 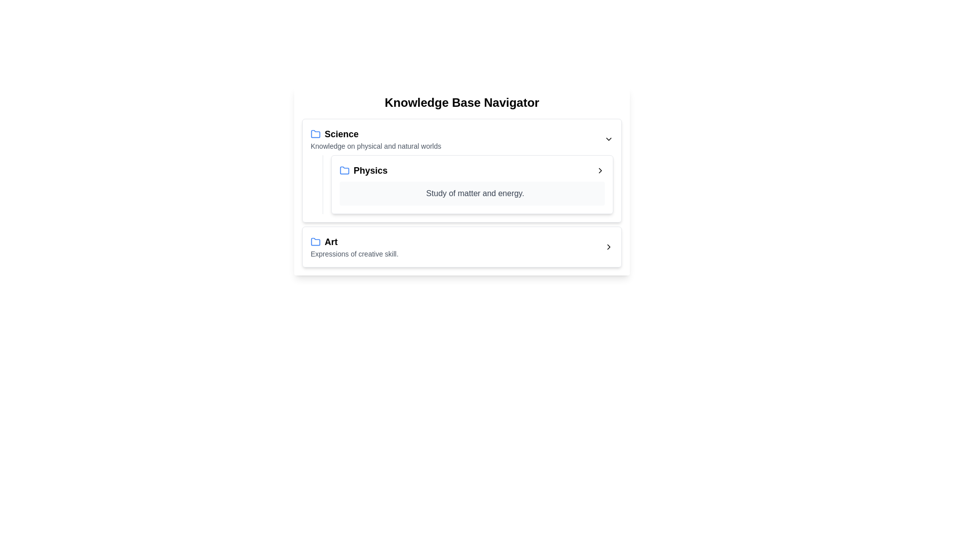 I want to click on the Chevron navigation icon located at the right edge of the selected row in the 'Science' section, so click(x=599, y=170).